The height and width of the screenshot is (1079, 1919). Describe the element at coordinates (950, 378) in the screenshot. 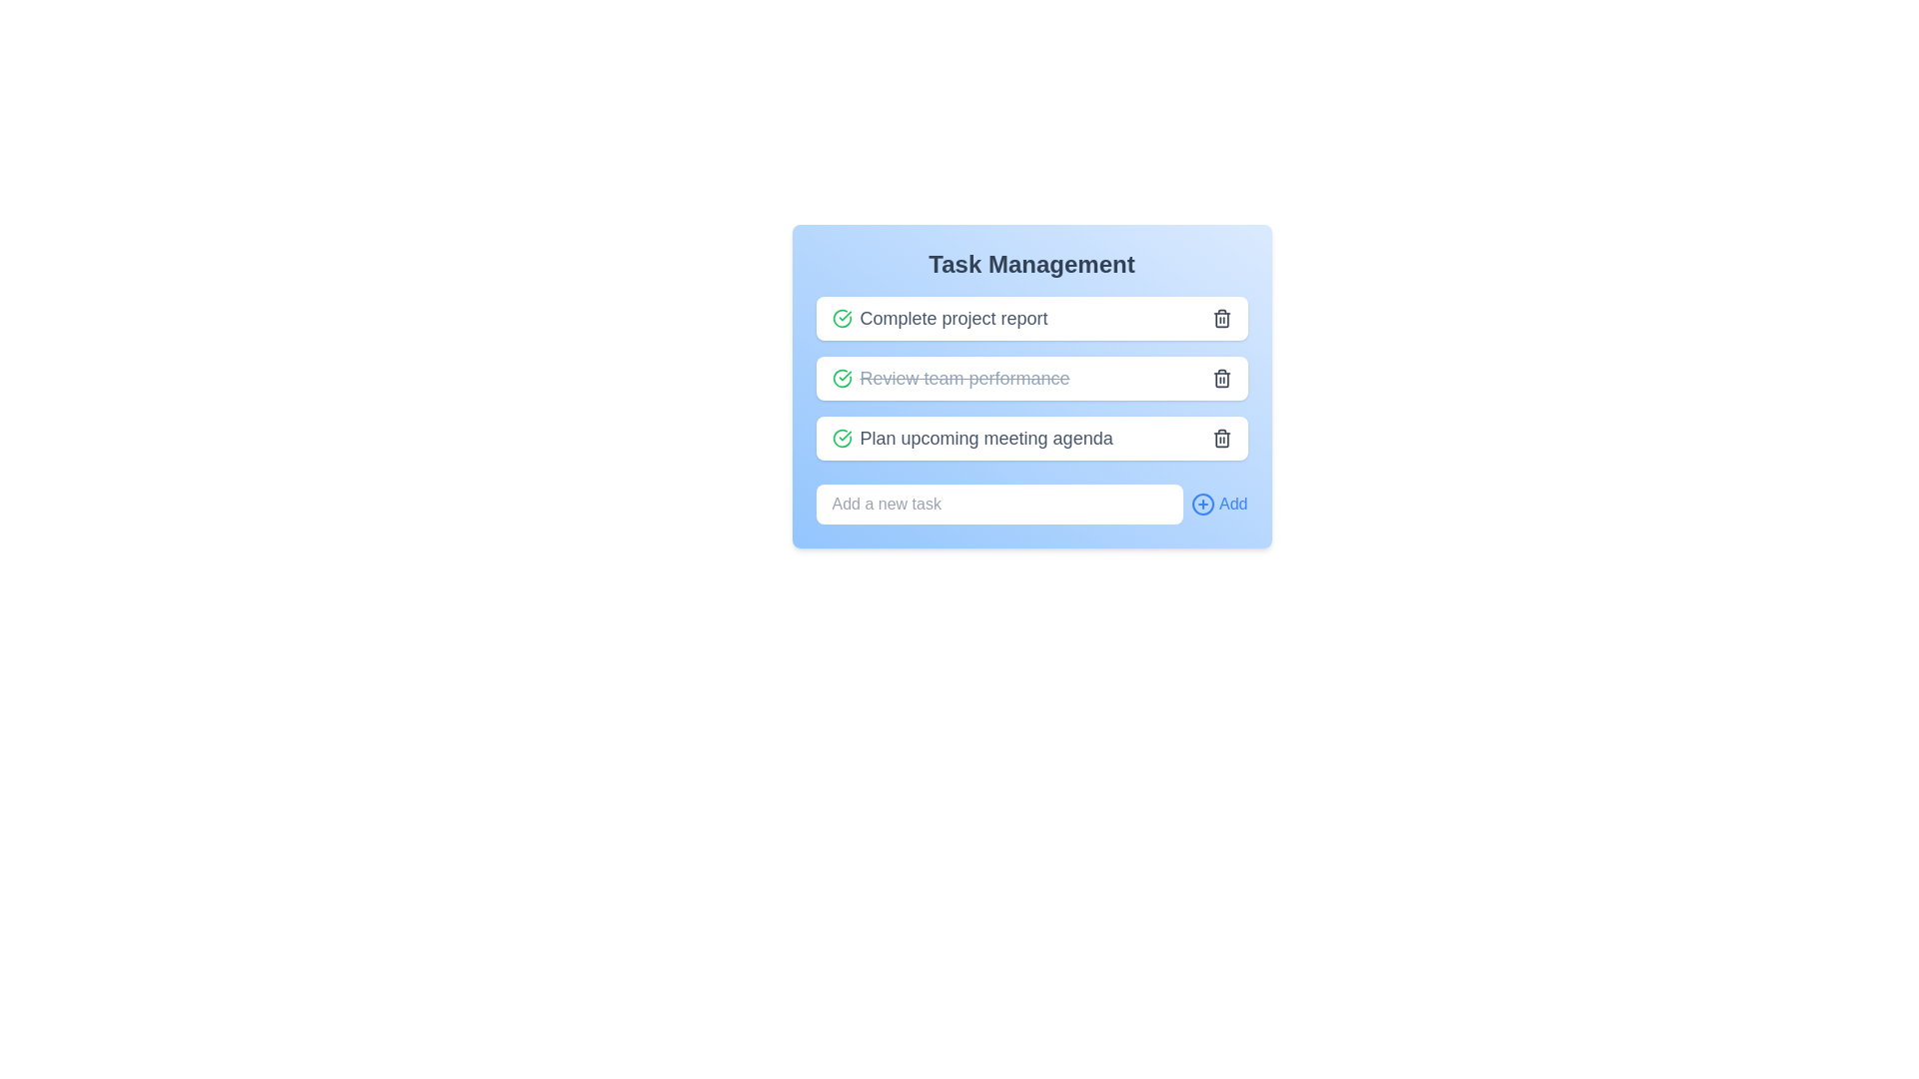

I see `the label for a completed task in the task management application, located between 'Complete project report' and 'Plan upcoming meeting agenda', with a green checkmark icon on the left and a trash can icon on the right` at that location.